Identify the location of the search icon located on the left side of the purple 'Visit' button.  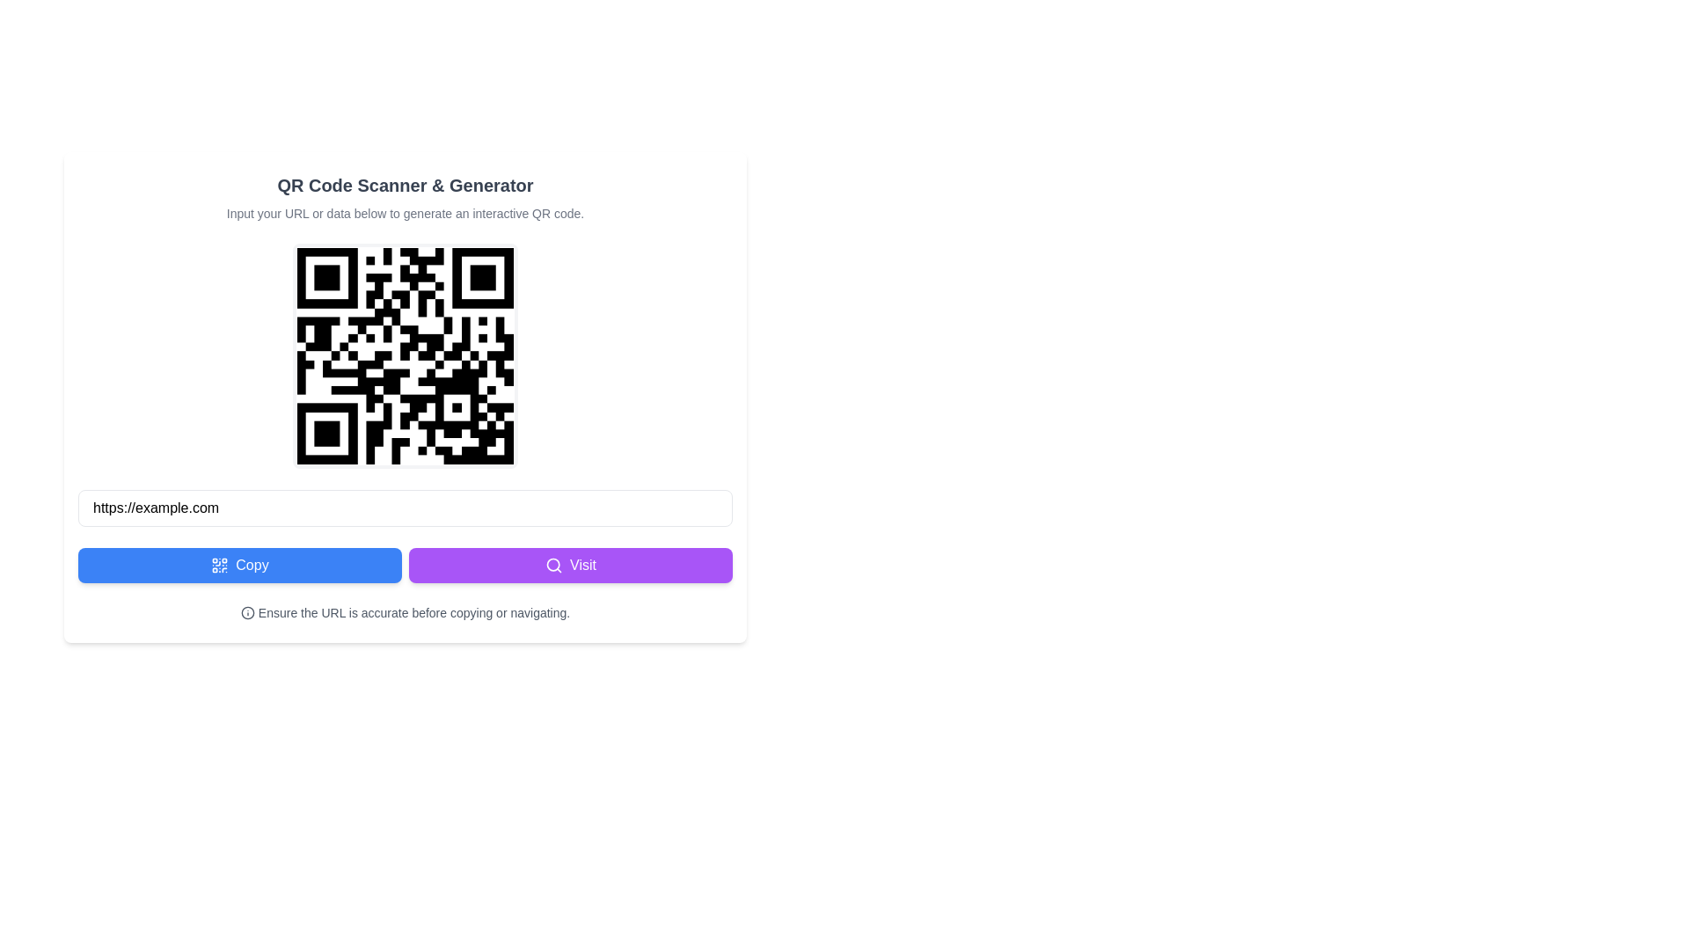
(552, 566).